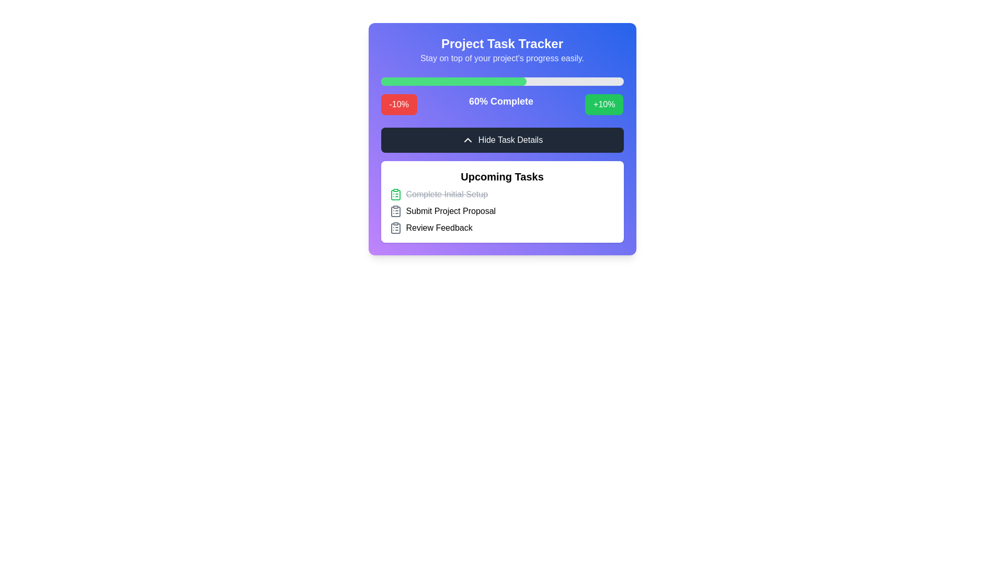 This screenshot has width=1004, height=565. Describe the element at coordinates (398, 105) in the screenshot. I see `the red rectangular button with rounded corners displaying '-10%' in bold white font to decrease the associated value by 10%` at that location.